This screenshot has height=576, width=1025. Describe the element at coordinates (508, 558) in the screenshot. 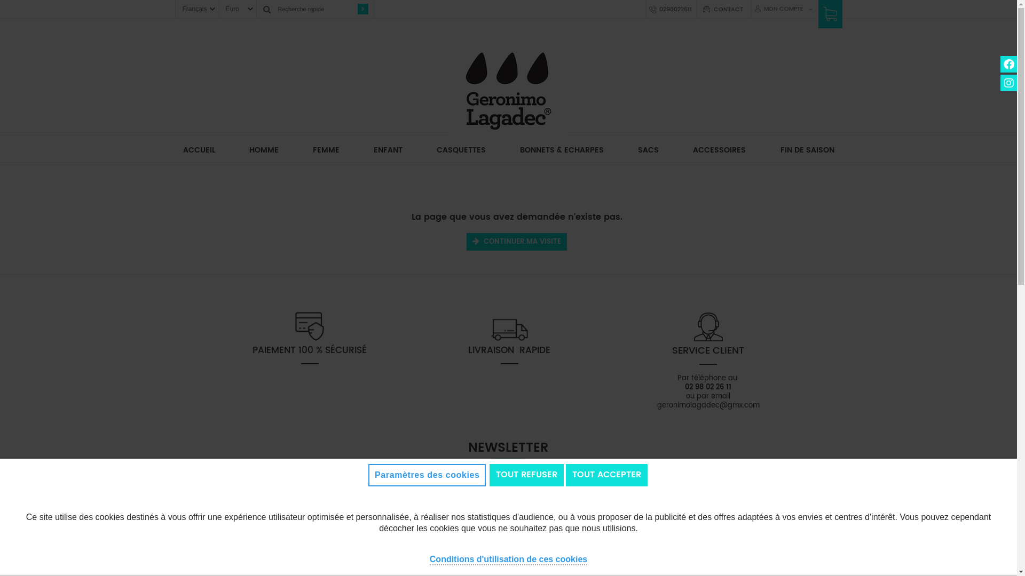

I see `'Conditions d'utilisation de ces cookies'` at that location.